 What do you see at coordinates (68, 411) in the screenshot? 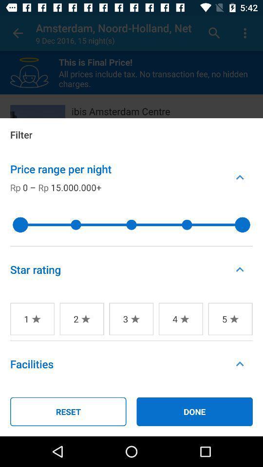
I see `reset icon` at bounding box center [68, 411].